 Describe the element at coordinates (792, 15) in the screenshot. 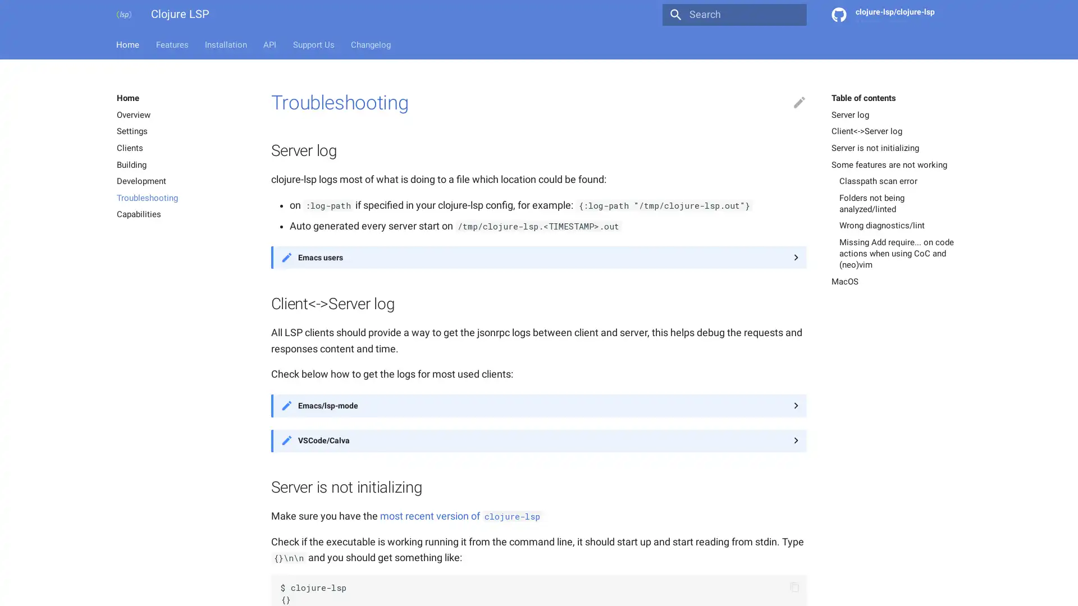

I see `Clear` at that location.